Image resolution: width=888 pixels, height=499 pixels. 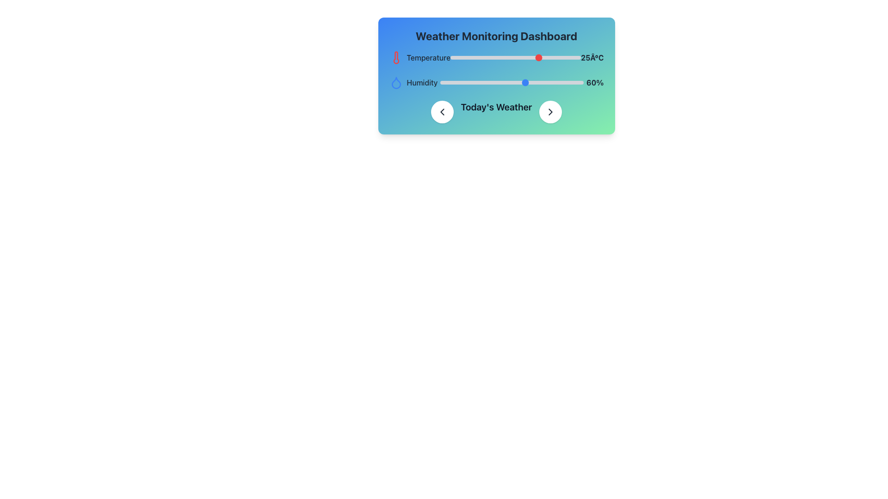 What do you see at coordinates (442, 111) in the screenshot?
I see `the circular button with a white background and a chevron left icon` at bounding box center [442, 111].